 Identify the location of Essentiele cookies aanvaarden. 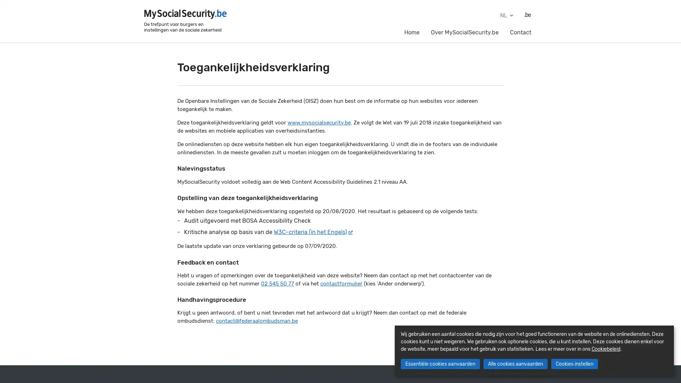
(439, 364).